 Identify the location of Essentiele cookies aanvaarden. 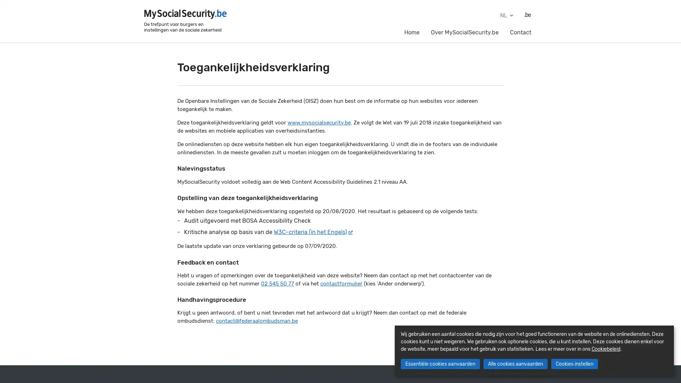
(439, 364).